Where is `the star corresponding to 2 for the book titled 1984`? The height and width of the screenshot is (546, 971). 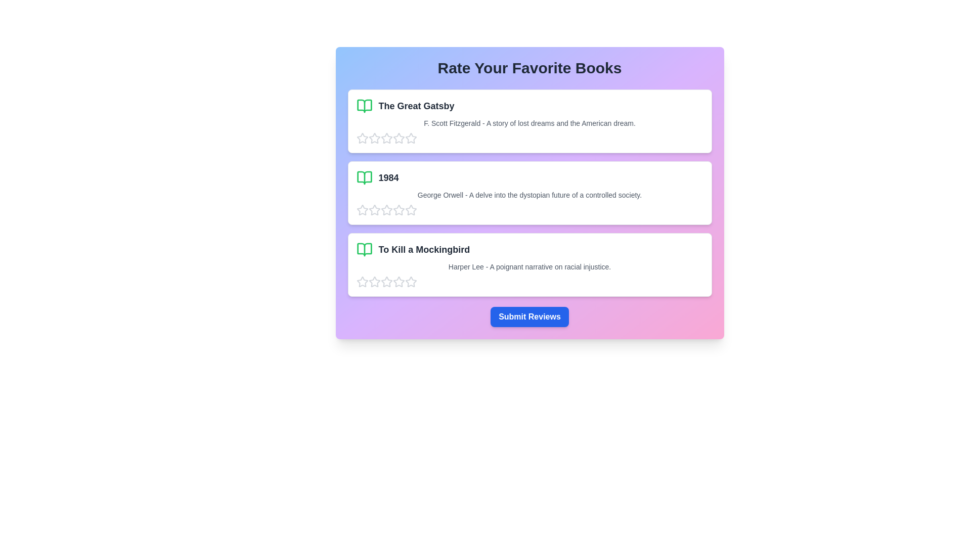
the star corresponding to 2 for the book titled 1984 is located at coordinates (374, 210).